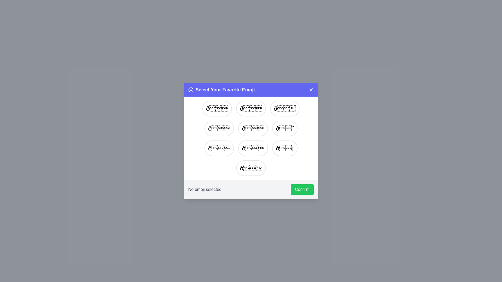  Describe the element at coordinates (217, 108) in the screenshot. I see `the emoji 😀 from the list` at that location.